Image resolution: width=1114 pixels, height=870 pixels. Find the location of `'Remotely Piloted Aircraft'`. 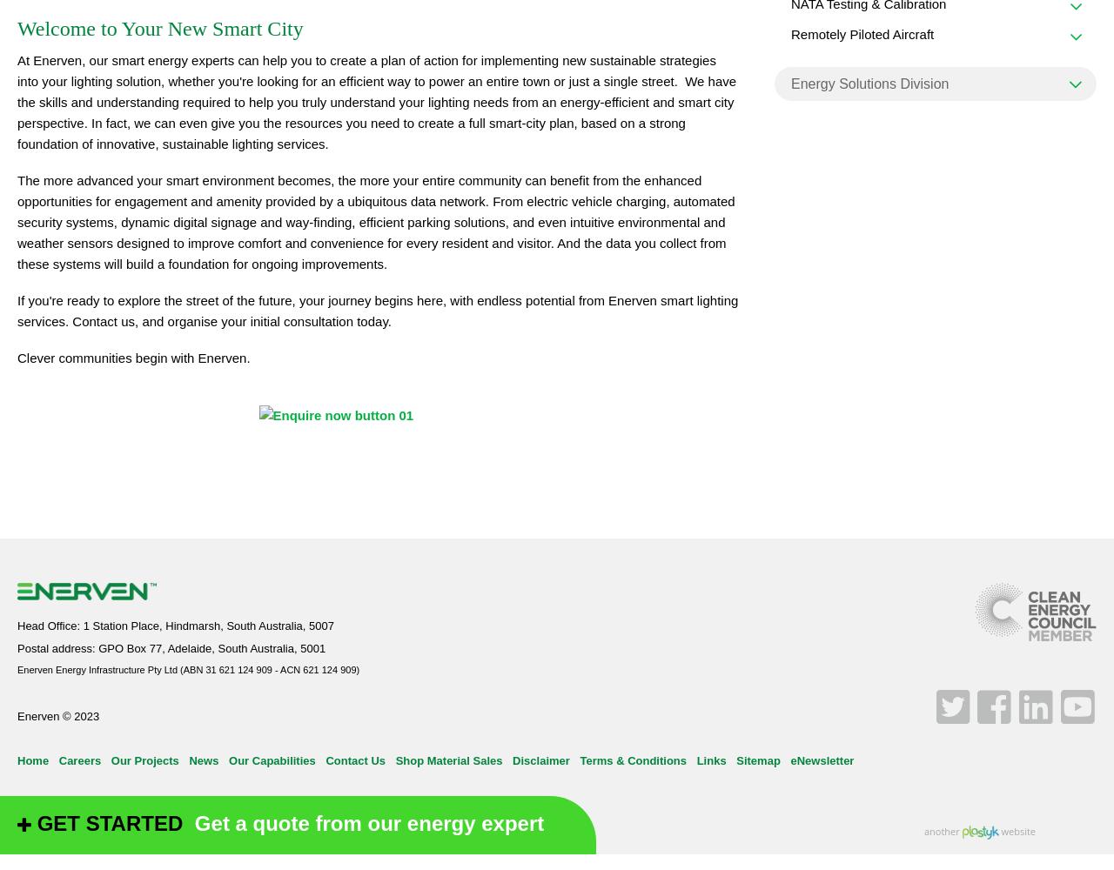

'Remotely Piloted Aircraft' is located at coordinates (790, 34).